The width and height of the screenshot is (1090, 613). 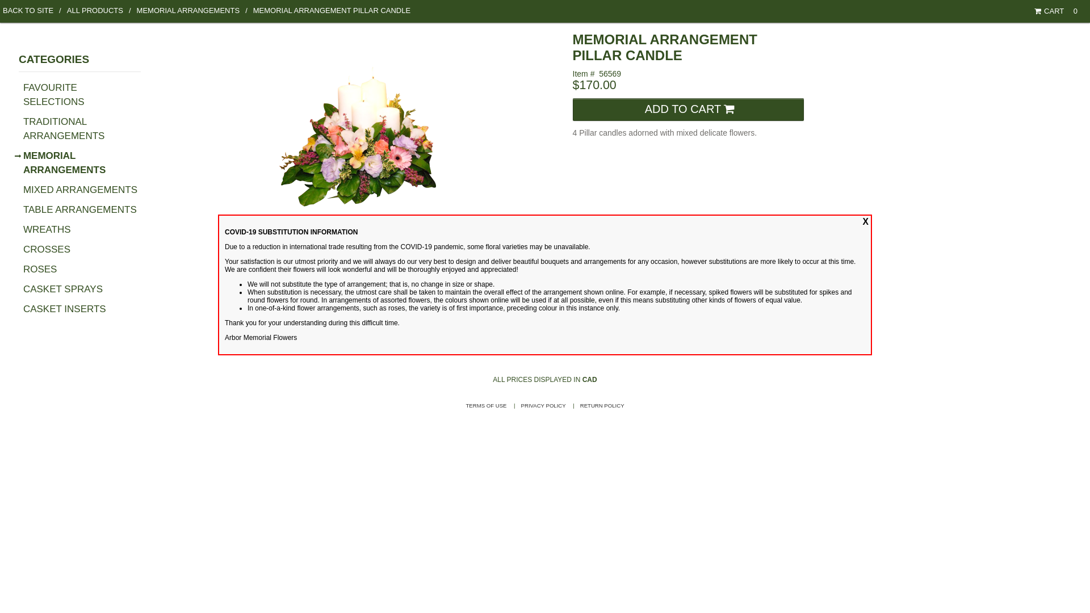 I want to click on 'TERMS OF USE', so click(x=485, y=405).